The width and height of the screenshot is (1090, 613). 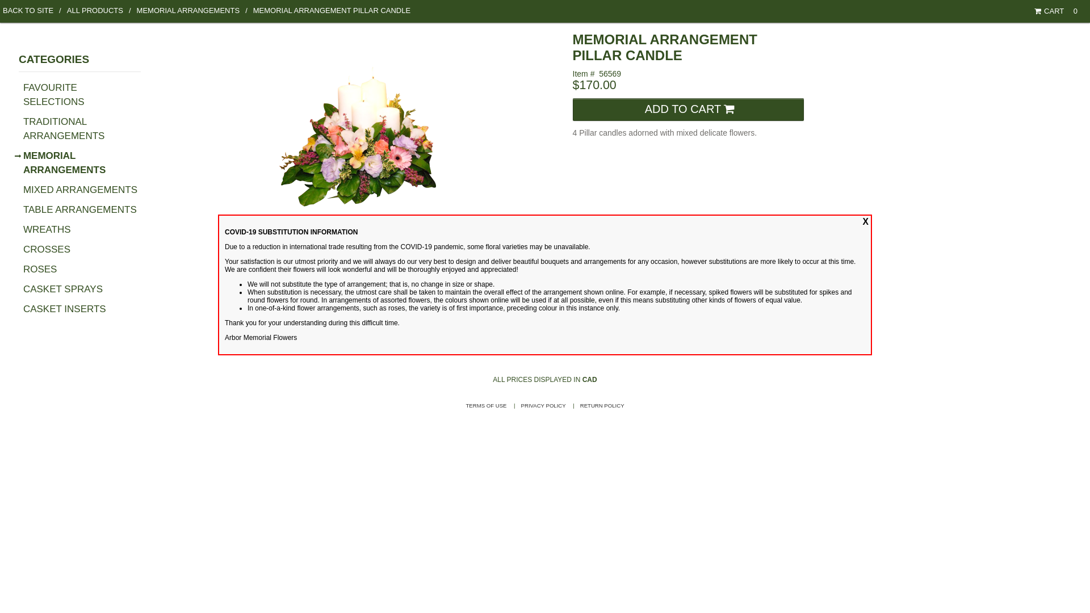 I want to click on 'TERMS OF USE', so click(x=485, y=405).